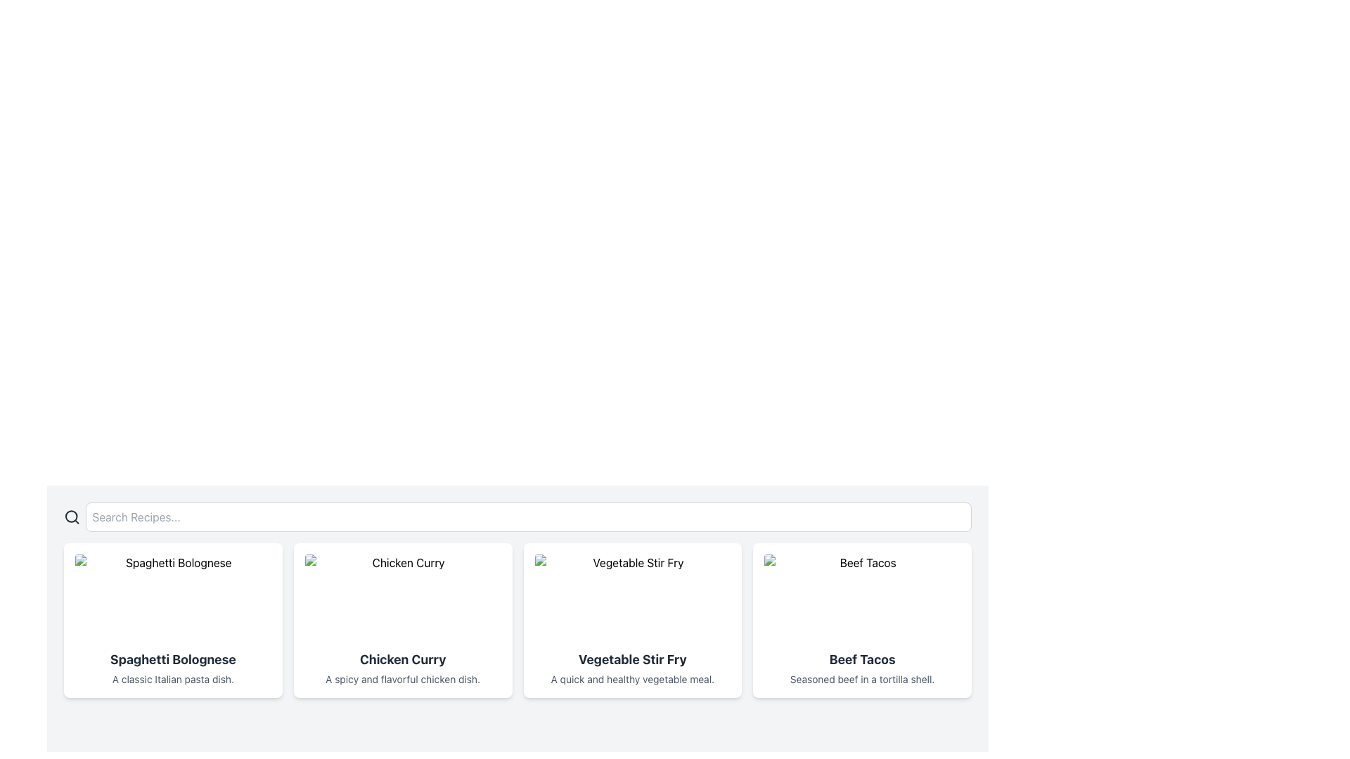 This screenshot has height=759, width=1350. What do you see at coordinates (861, 659) in the screenshot?
I see `text label displaying 'Beef Tacos' which is located in the rightmost card of a horizontal list, centered beneath its image` at bounding box center [861, 659].